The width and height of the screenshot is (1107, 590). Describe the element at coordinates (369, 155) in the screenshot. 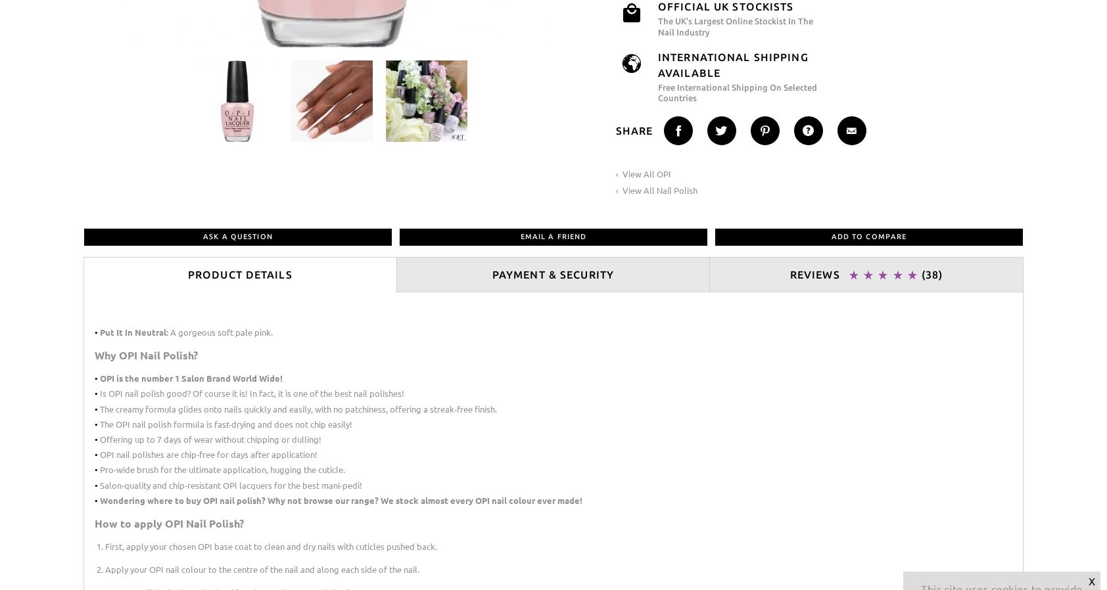

I see `'Disinfectant Sprays'` at that location.